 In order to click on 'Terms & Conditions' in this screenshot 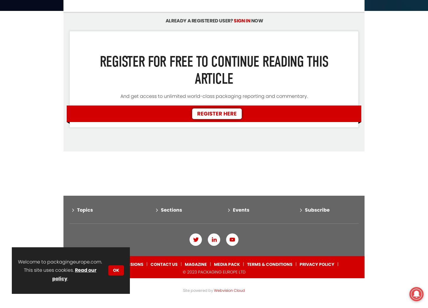, I will do `click(269, 239)`.